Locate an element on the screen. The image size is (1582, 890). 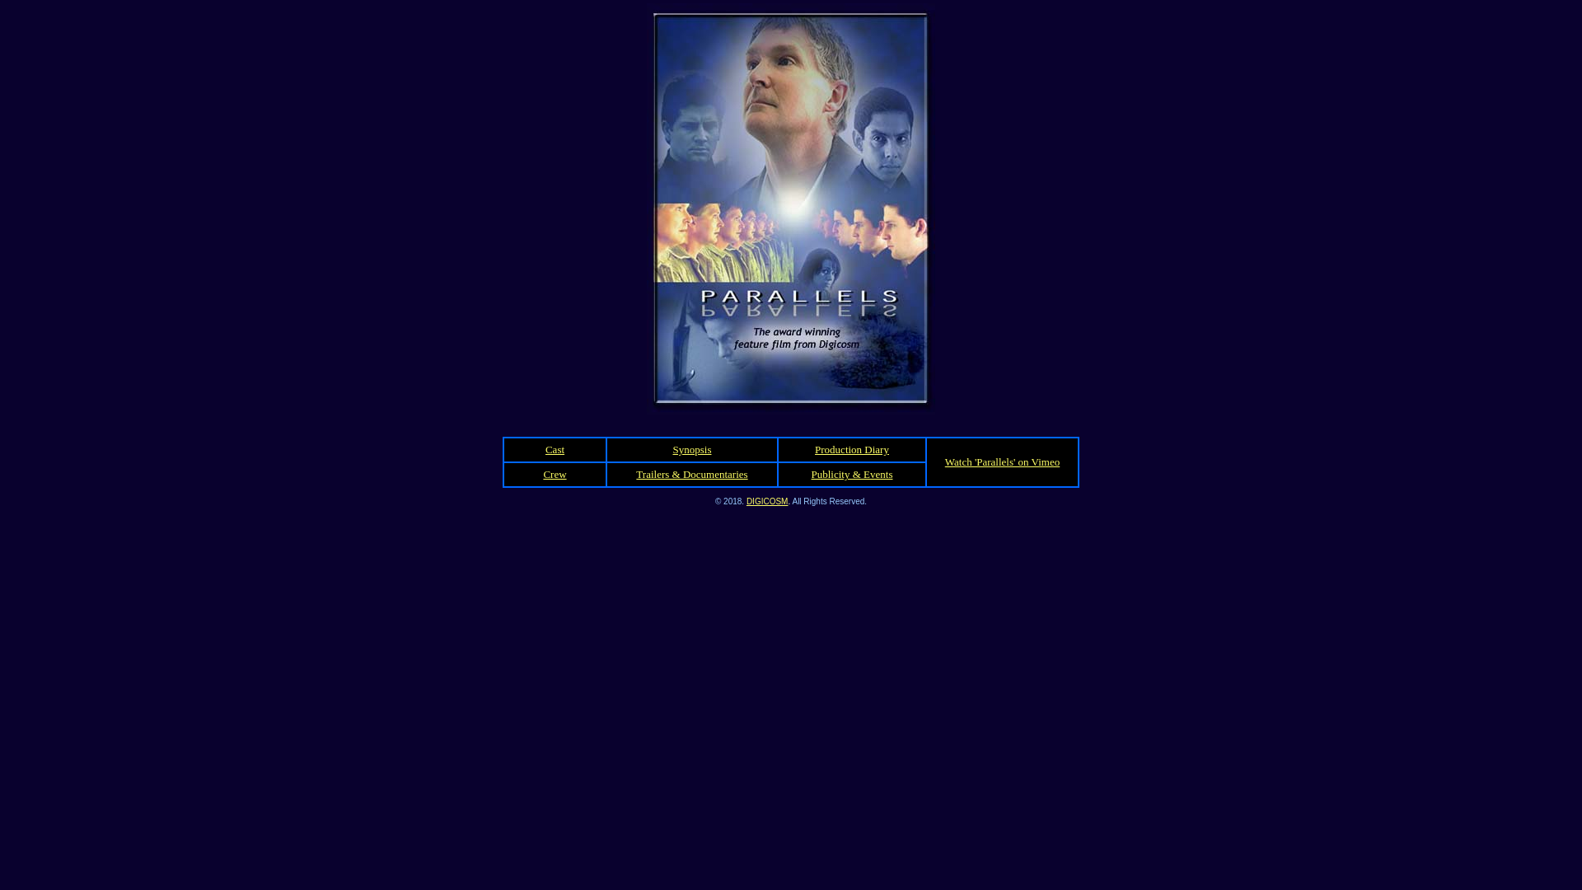
'Cast' is located at coordinates (555, 449).